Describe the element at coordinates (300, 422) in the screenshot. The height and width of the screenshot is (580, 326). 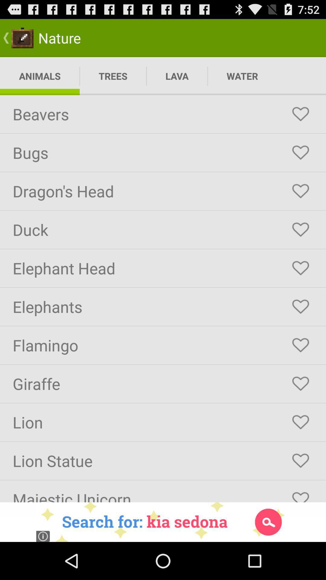
I see `like button` at that location.